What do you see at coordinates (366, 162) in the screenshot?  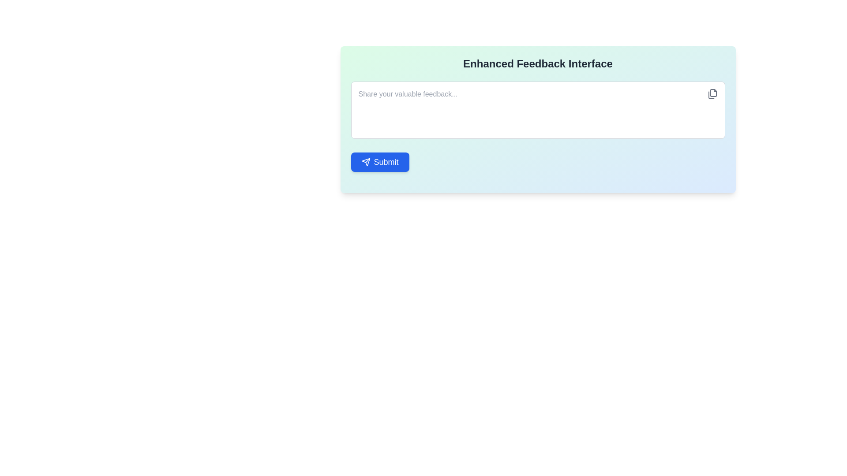 I see `the send icon, which is a minimalistic vector graphic located near the center of the blue button in the bottom-left of the card` at bounding box center [366, 162].